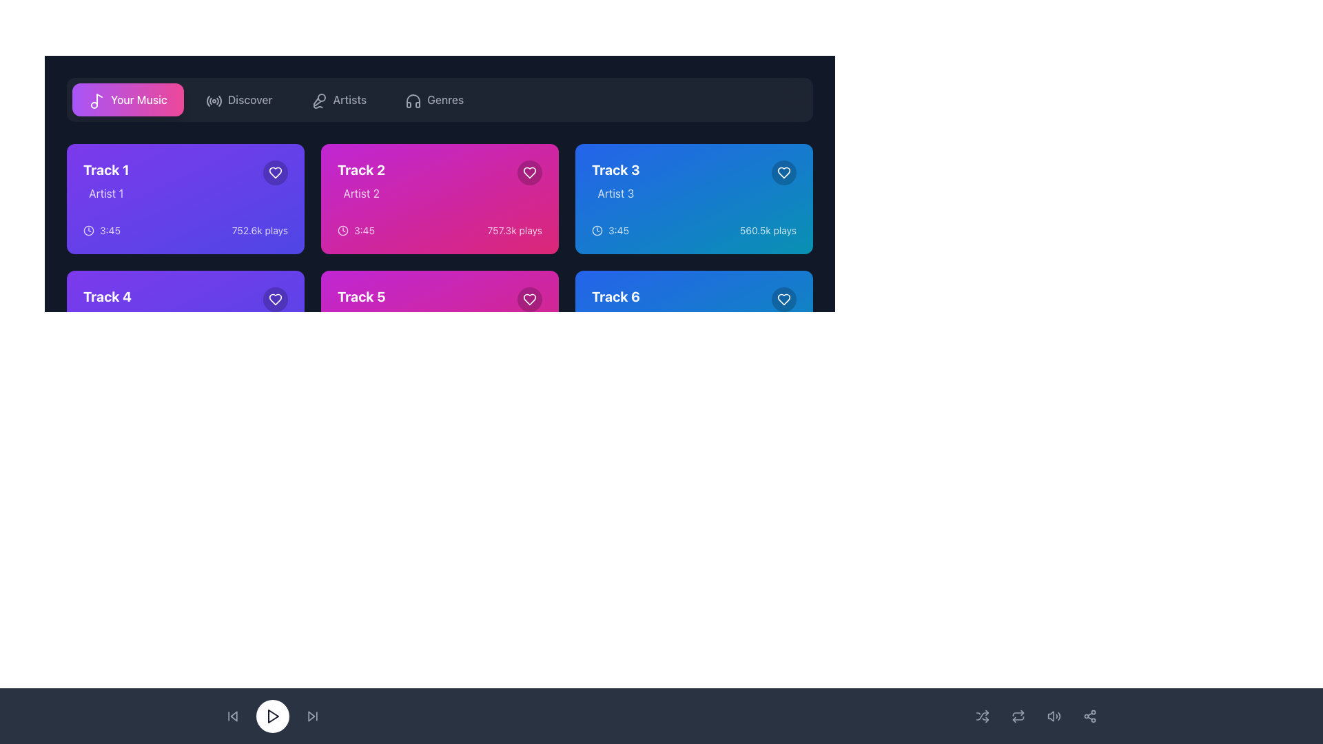 The image size is (1323, 744). I want to click on the heart icon in the top-right corner of the 'Track 6' card to mark the track as favorite, so click(783, 299).